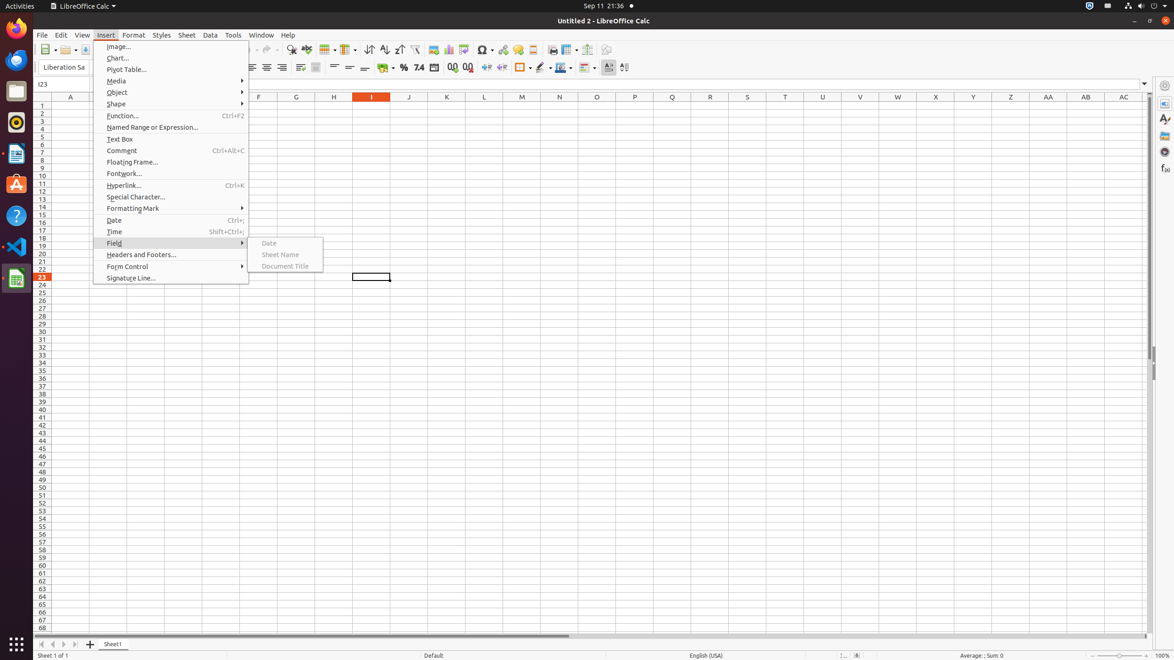 The image size is (1174, 660). Describe the element at coordinates (415, 49) in the screenshot. I see `'AutoFilter'` at that location.